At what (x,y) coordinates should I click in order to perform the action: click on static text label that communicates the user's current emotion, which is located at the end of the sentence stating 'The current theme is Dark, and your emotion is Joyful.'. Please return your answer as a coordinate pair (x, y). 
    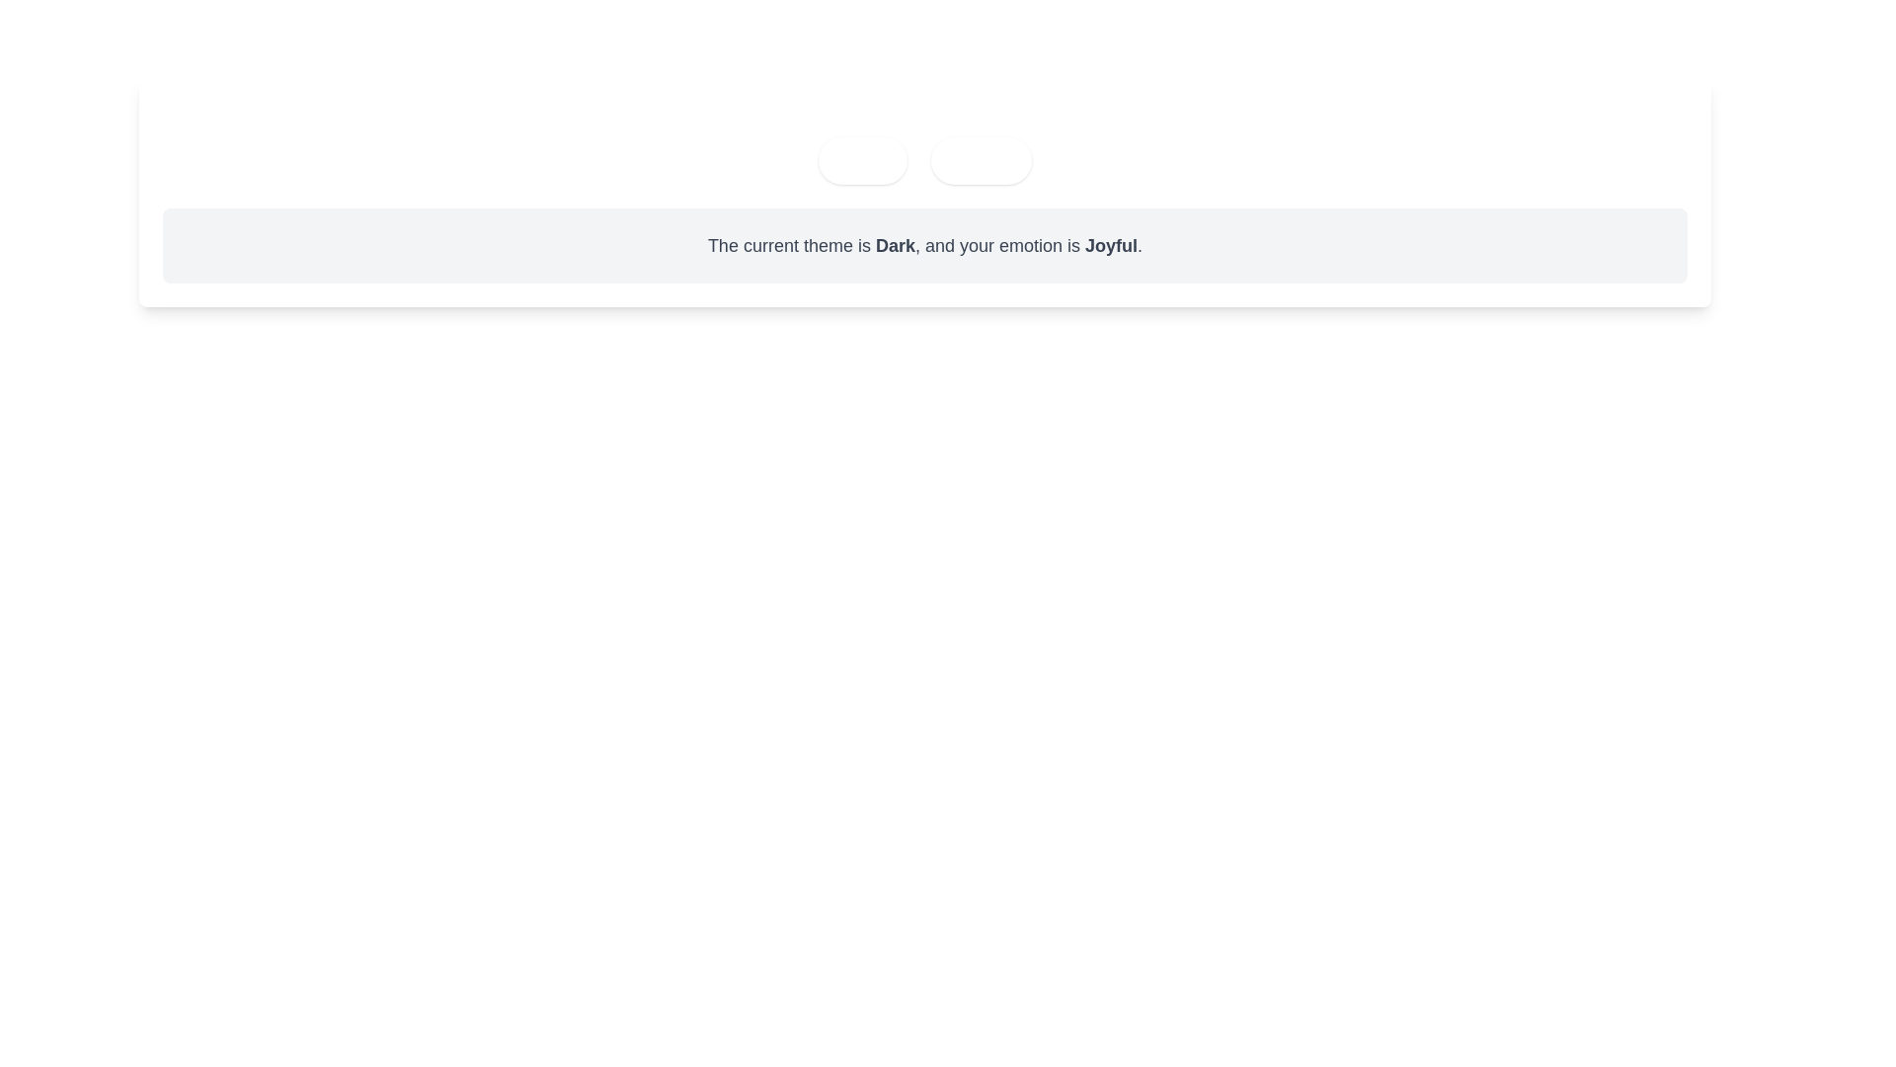
    Looking at the image, I should click on (1111, 245).